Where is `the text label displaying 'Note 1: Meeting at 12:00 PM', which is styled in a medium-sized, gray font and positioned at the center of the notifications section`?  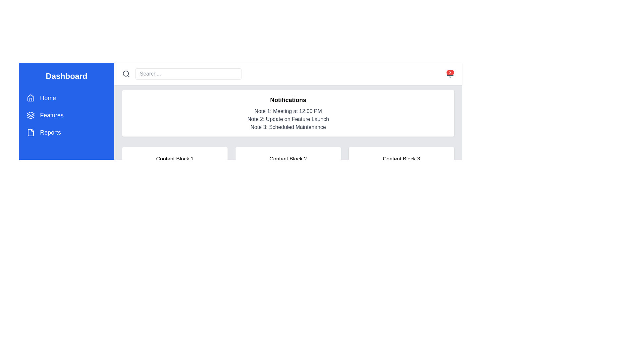 the text label displaying 'Note 1: Meeting at 12:00 PM', which is styled in a medium-sized, gray font and positioned at the center of the notifications section is located at coordinates (288, 111).